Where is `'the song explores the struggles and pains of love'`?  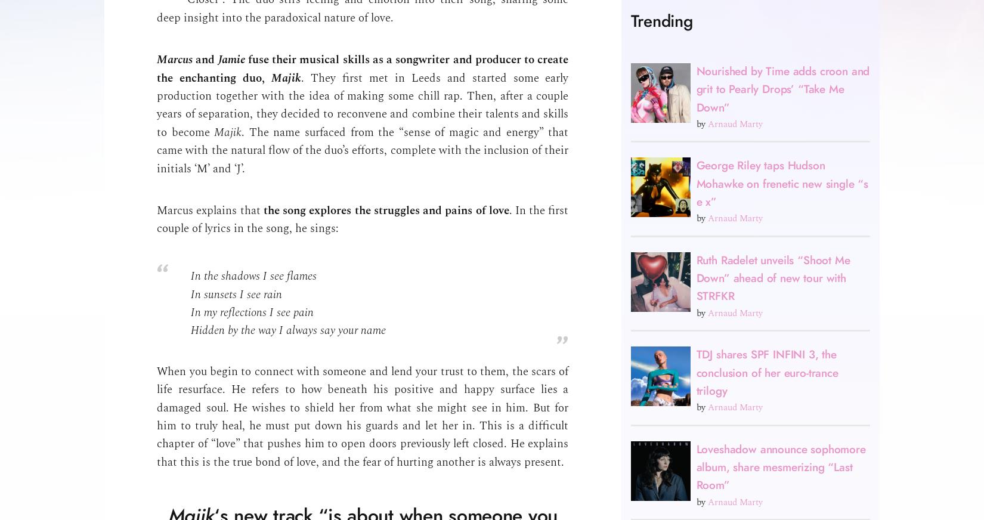
'the song explores the struggles and pains of love' is located at coordinates (383, 210).